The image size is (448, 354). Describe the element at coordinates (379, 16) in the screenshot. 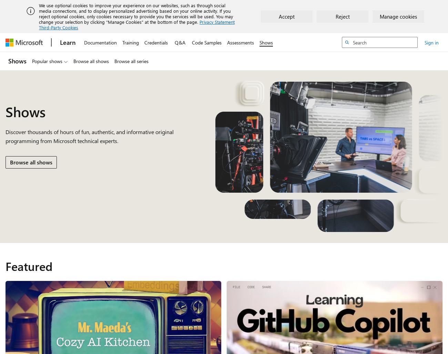

I see `'Manage cookies'` at that location.